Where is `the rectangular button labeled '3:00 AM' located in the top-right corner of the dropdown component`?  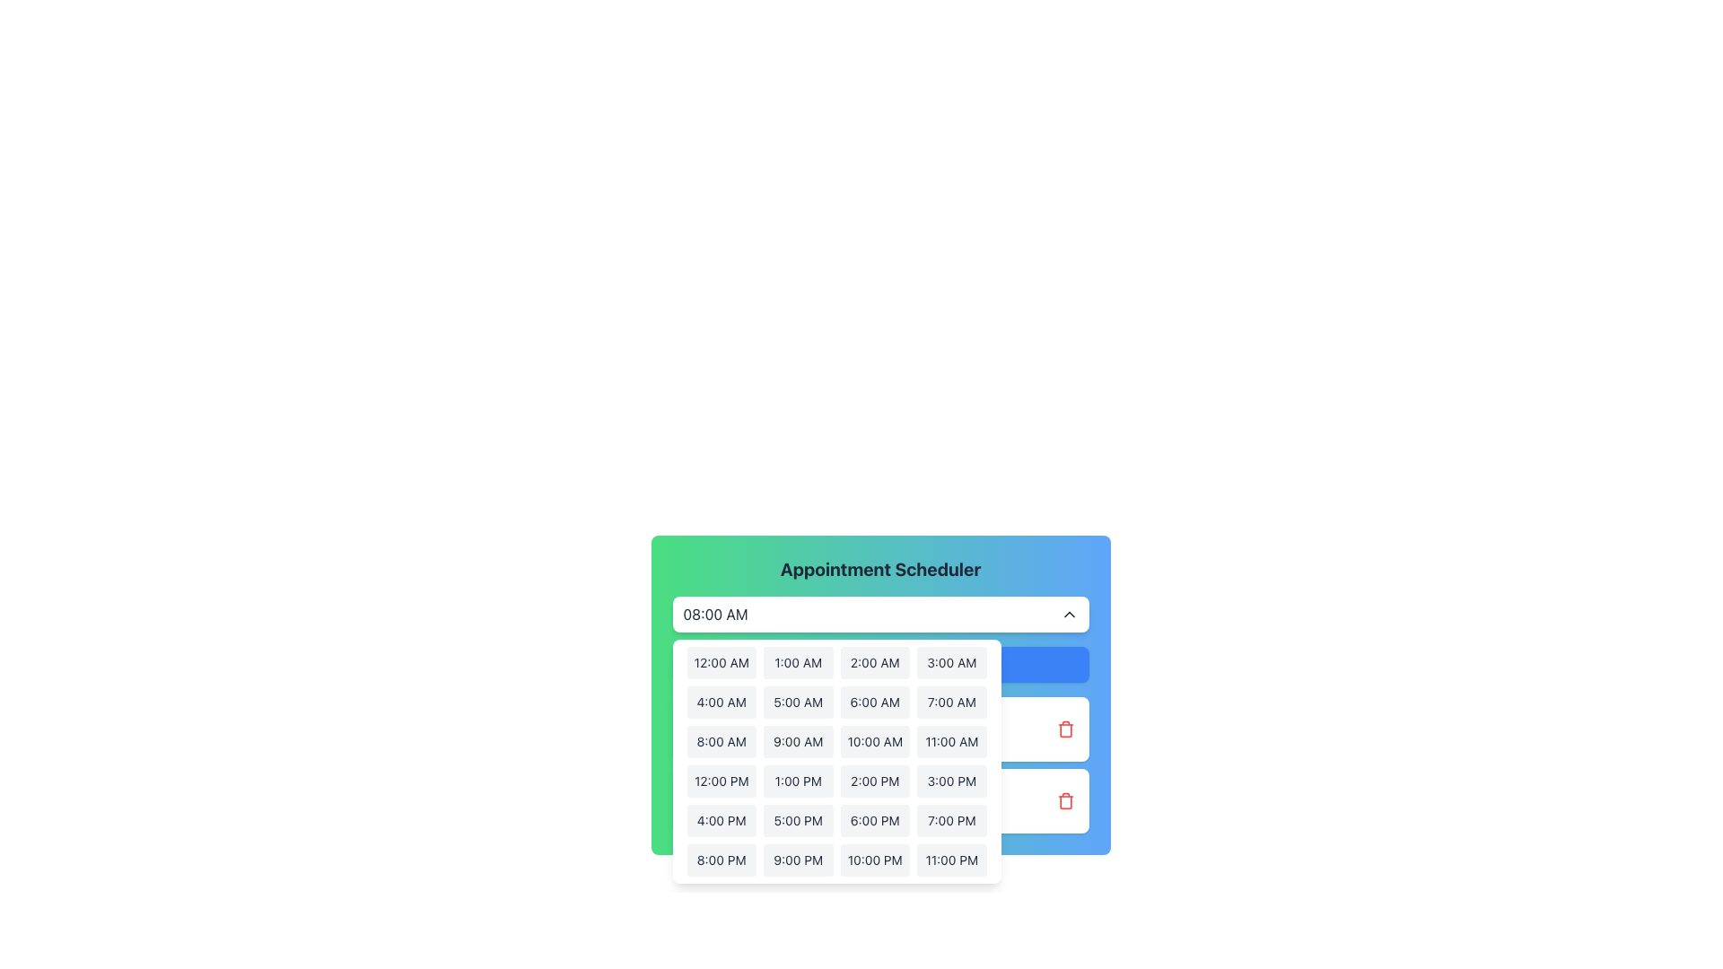
the rectangular button labeled '3:00 AM' located in the top-right corner of the dropdown component is located at coordinates (950, 663).